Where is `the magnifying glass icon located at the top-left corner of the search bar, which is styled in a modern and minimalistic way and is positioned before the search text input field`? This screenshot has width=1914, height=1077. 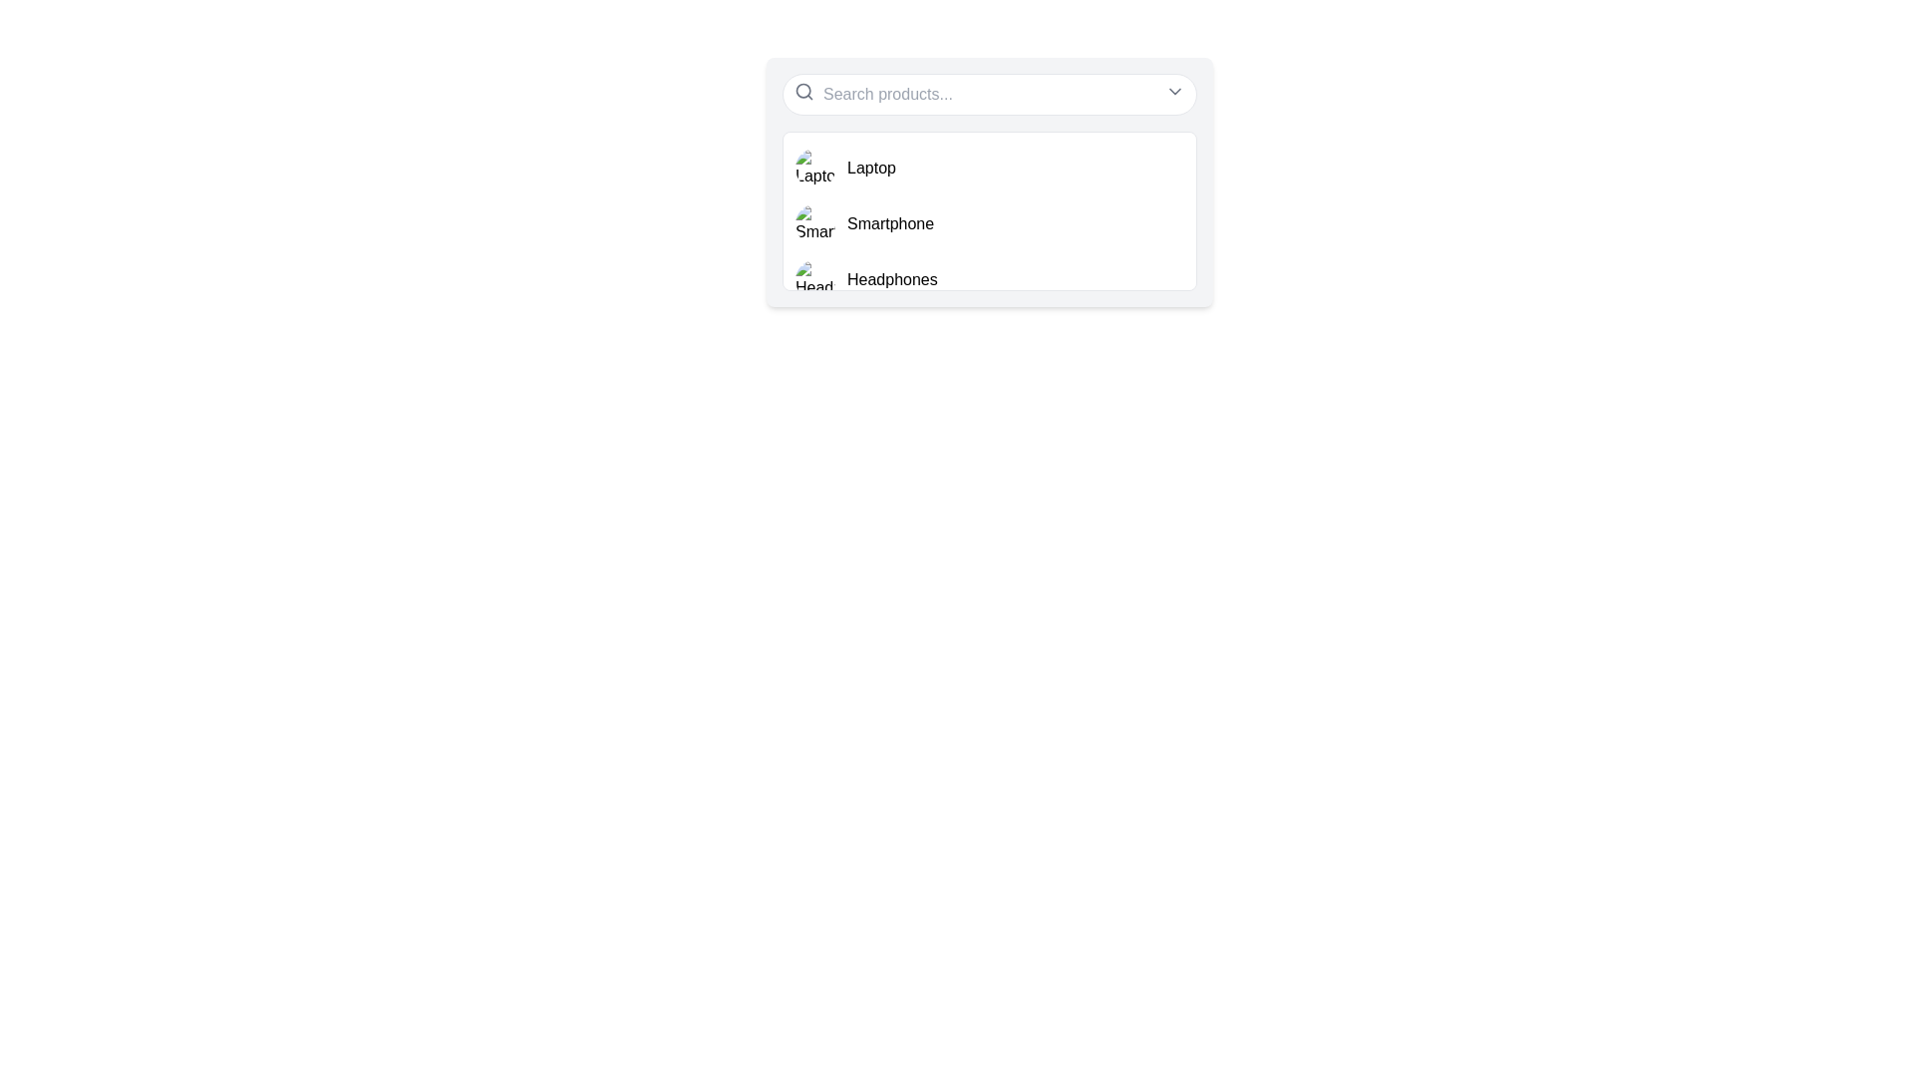 the magnifying glass icon located at the top-left corner of the search bar, which is styled in a modern and minimalistic way and is positioned before the search text input field is located at coordinates (803, 92).